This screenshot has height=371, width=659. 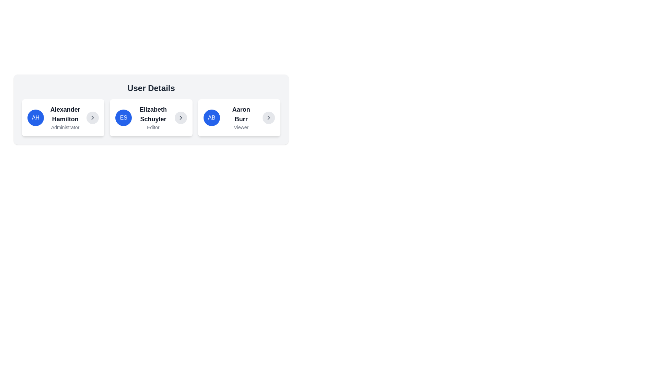 I want to click on the static text label that displays the name of the user in the middle user card of the 'User Details' section, so click(x=153, y=114).